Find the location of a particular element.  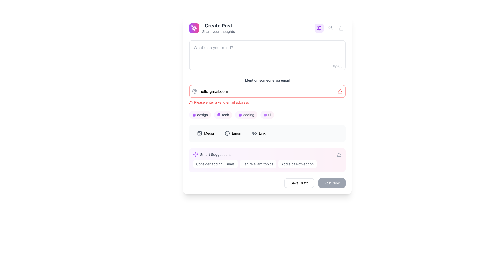

the SVG graphic circle that visually represents a part of the globe icon located at the top-right area of the interface is located at coordinates (319, 28).